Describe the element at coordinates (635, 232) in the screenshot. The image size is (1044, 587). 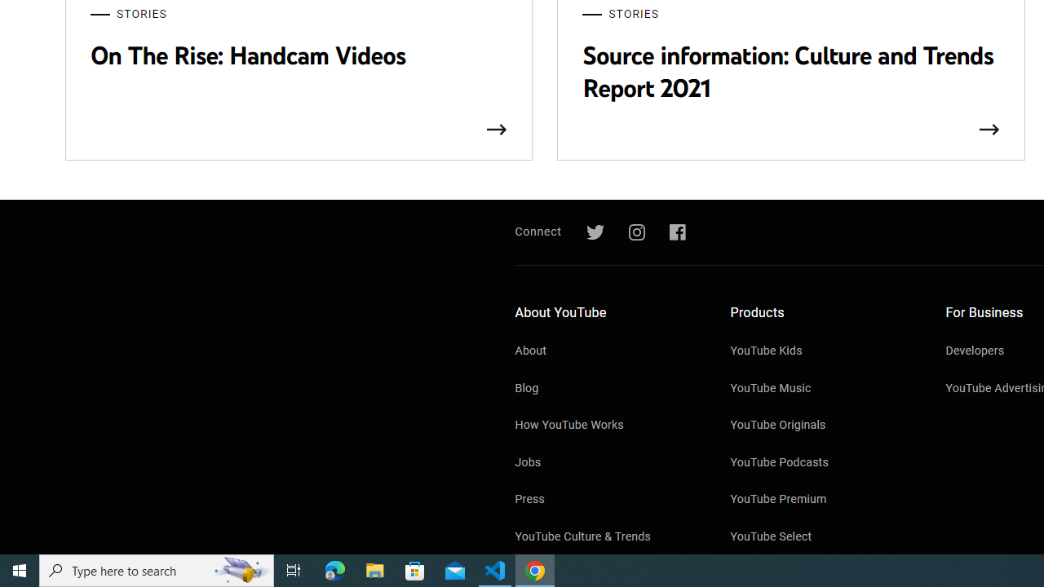
I see `'Instagram'` at that location.